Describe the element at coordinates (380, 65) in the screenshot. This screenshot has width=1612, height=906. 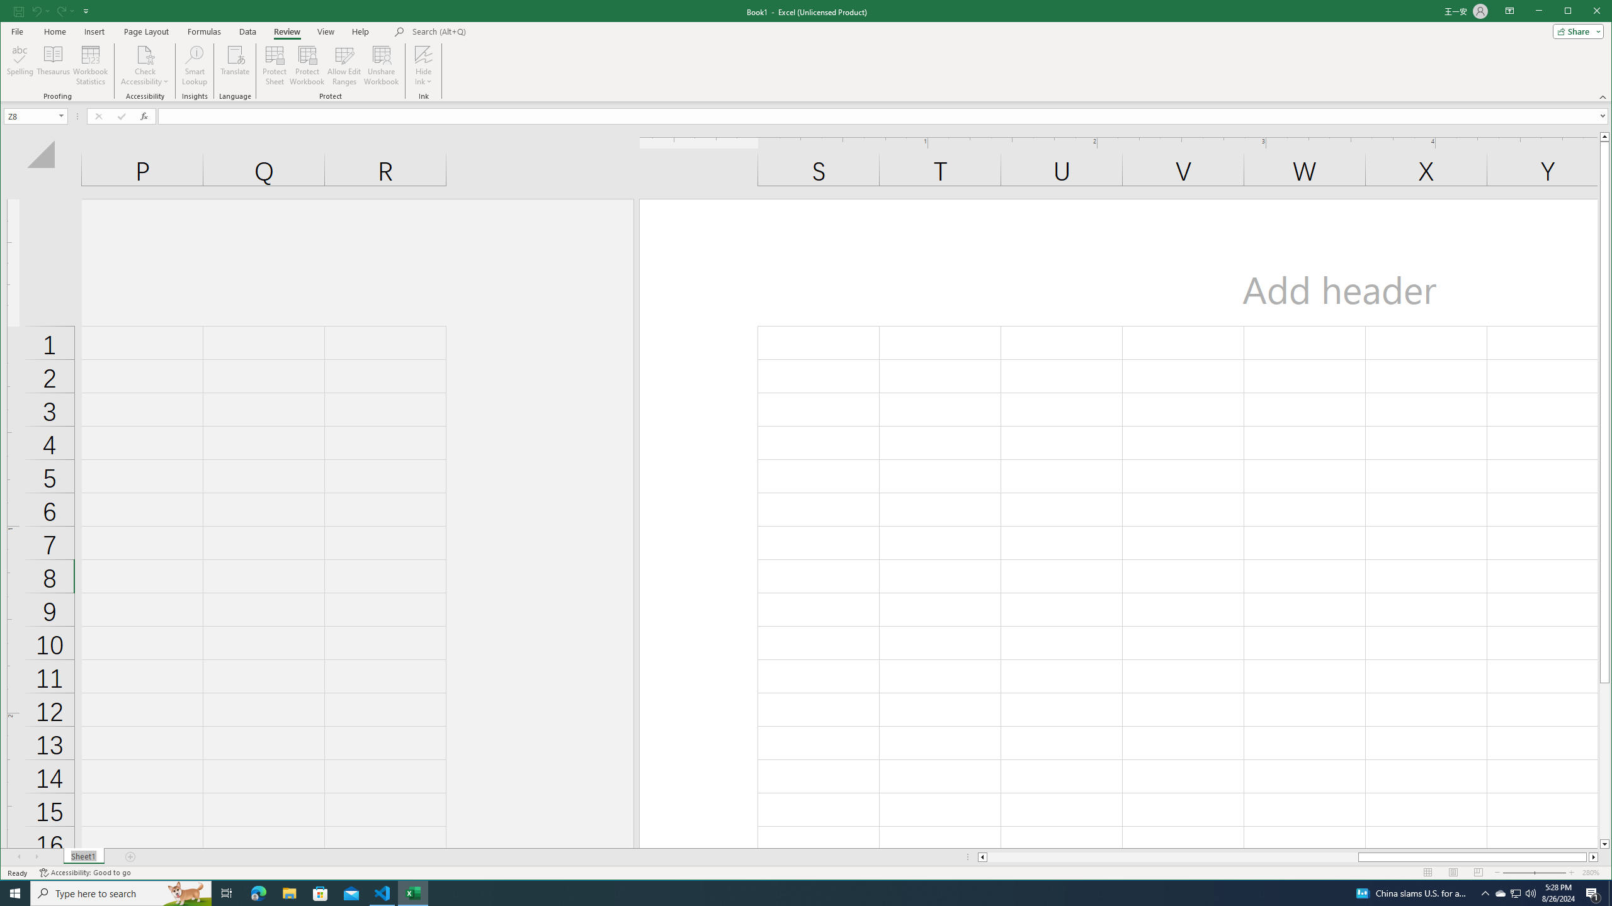
I see `'Unshare Workbook'` at that location.